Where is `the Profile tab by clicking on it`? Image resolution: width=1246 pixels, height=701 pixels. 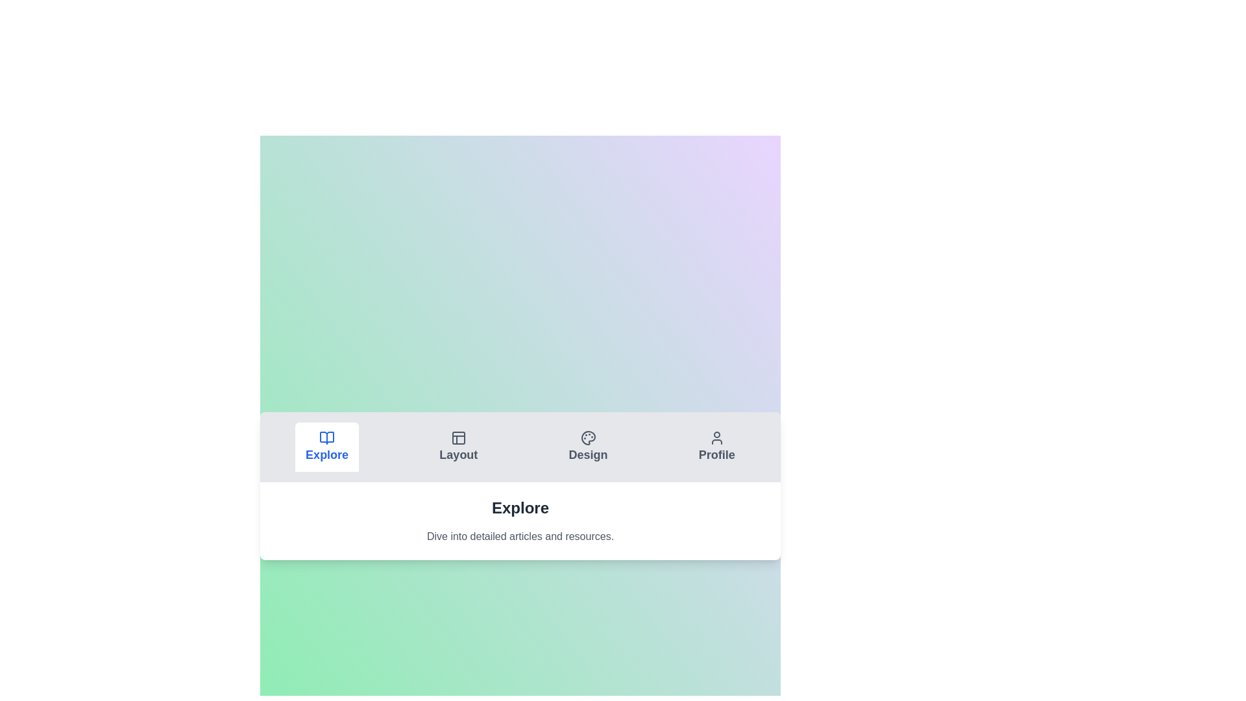 the Profile tab by clicking on it is located at coordinates (716, 447).